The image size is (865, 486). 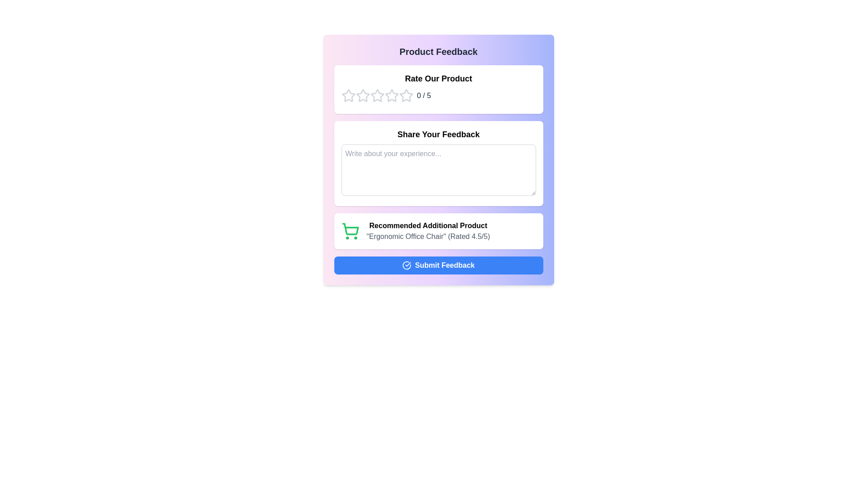 I want to click on the confirmation icon located within the blue 'Submit Feedback' button, which indicates the action of submission, so click(x=406, y=265).